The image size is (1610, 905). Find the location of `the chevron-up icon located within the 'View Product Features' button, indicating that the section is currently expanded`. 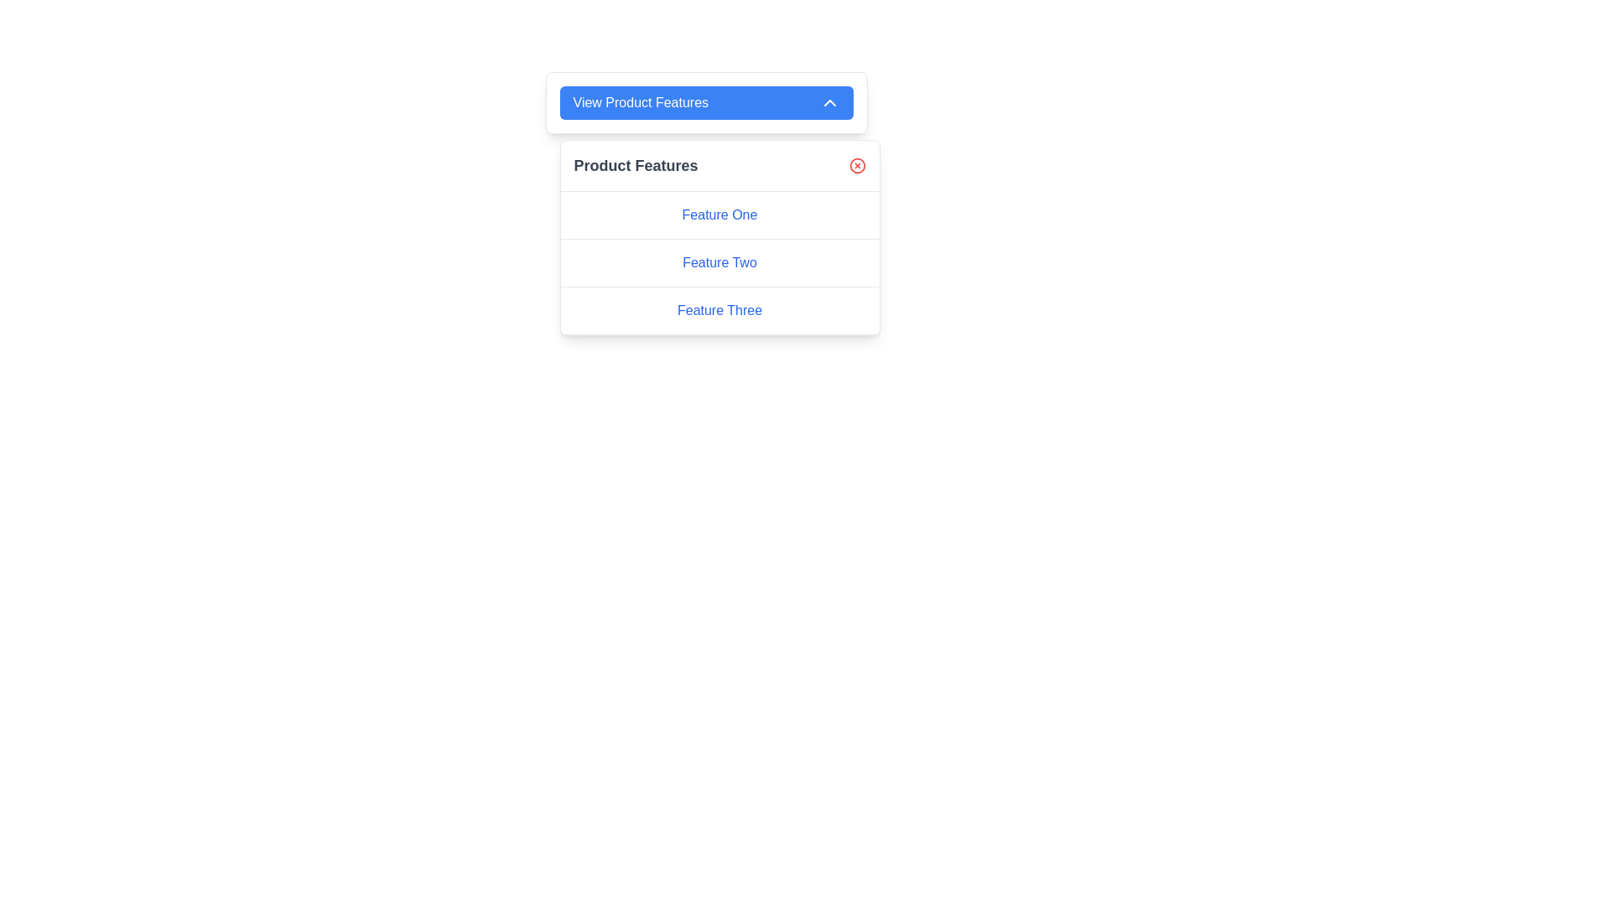

the chevron-up icon located within the 'View Product Features' button, indicating that the section is currently expanded is located at coordinates (829, 103).